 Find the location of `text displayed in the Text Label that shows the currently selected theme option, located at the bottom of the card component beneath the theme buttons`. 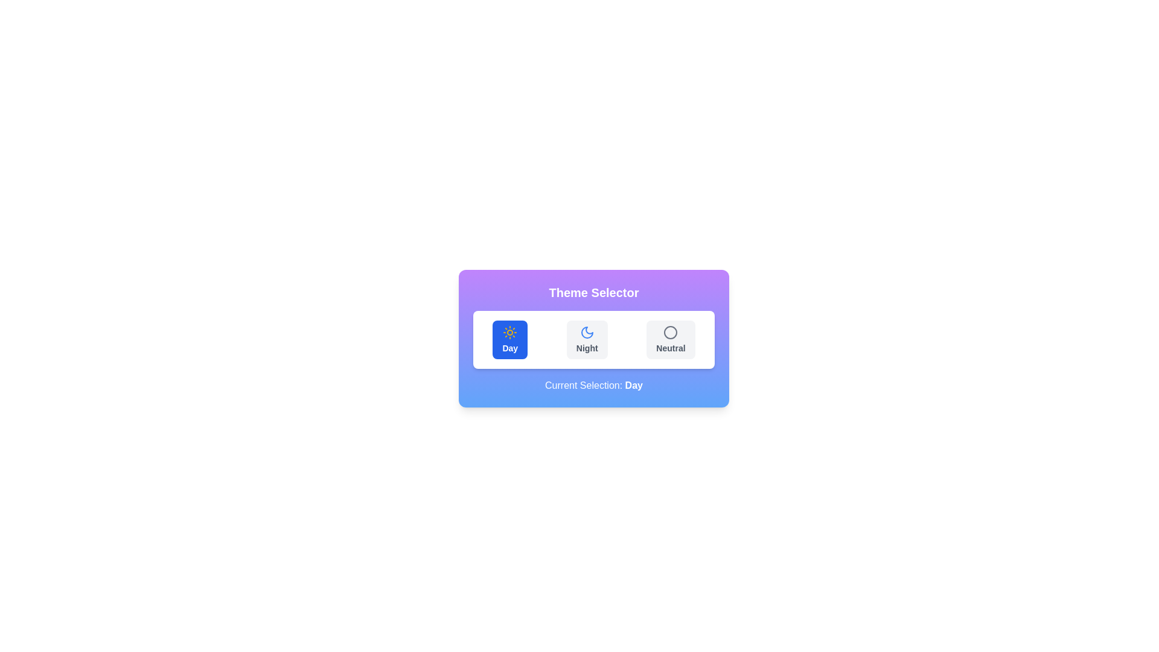

text displayed in the Text Label that shows the currently selected theme option, located at the bottom of the card component beneath the theme buttons is located at coordinates (593, 386).